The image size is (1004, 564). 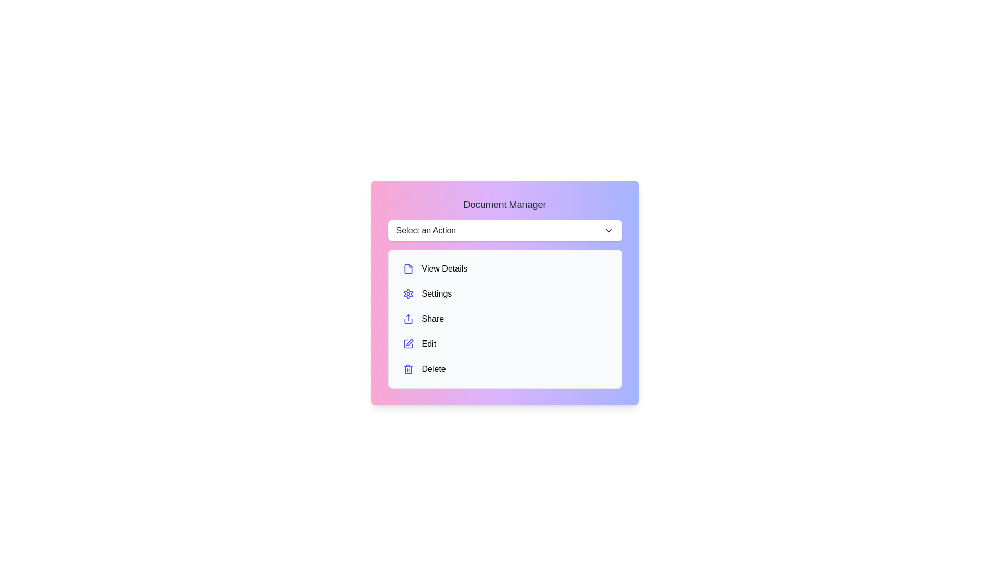 I want to click on the share button located within the 'Document Manager' group, positioned between the 'Settings' button and the 'Edit' button, so click(x=505, y=318).